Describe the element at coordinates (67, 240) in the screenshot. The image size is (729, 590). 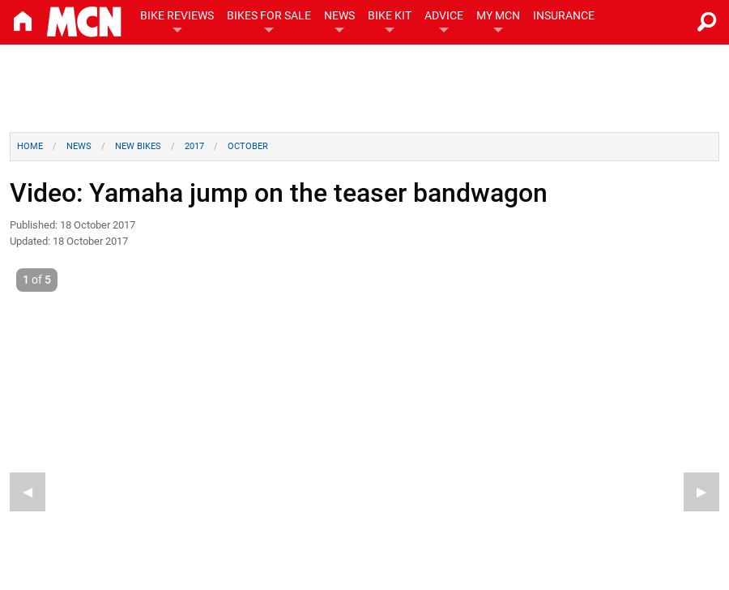
I see `'Updated: 18 October 2017'` at that location.